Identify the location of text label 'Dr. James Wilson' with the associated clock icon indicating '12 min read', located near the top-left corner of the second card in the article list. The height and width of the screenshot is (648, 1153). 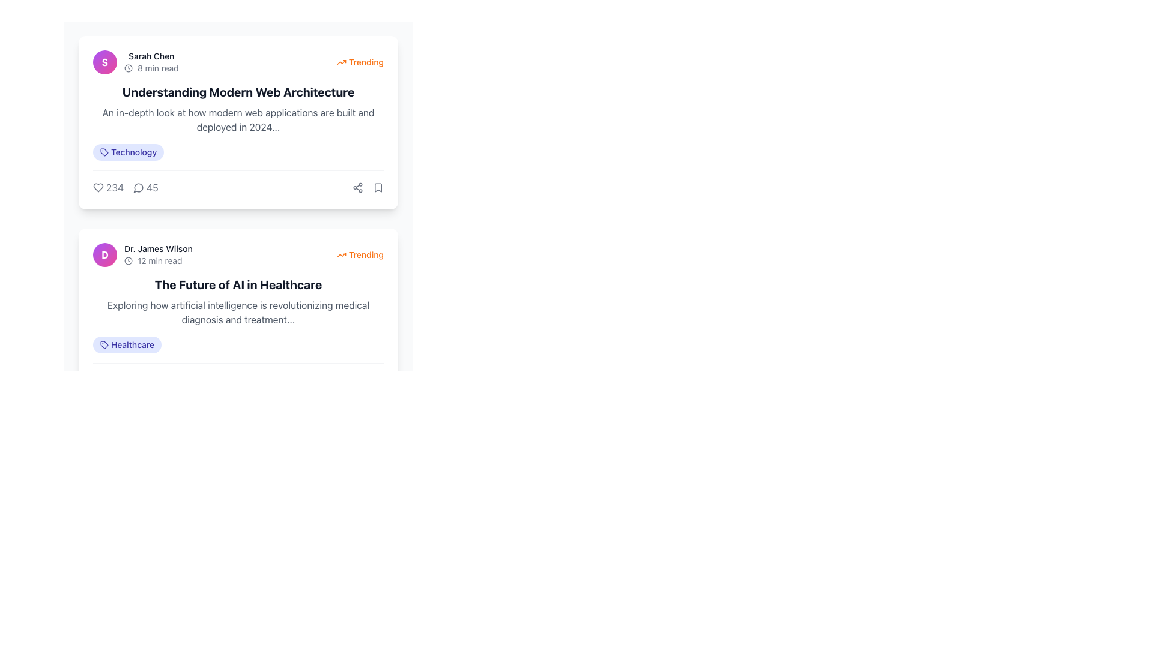
(157, 254).